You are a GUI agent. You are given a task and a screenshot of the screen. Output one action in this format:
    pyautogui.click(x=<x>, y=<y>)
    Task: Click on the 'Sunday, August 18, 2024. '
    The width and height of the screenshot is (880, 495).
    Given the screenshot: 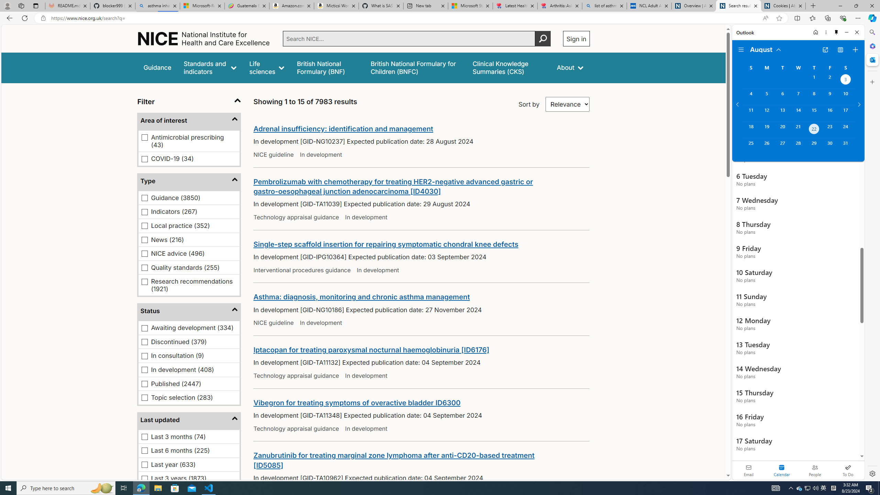 What is the action you would take?
    pyautogui.click(x=751, y=129)
    